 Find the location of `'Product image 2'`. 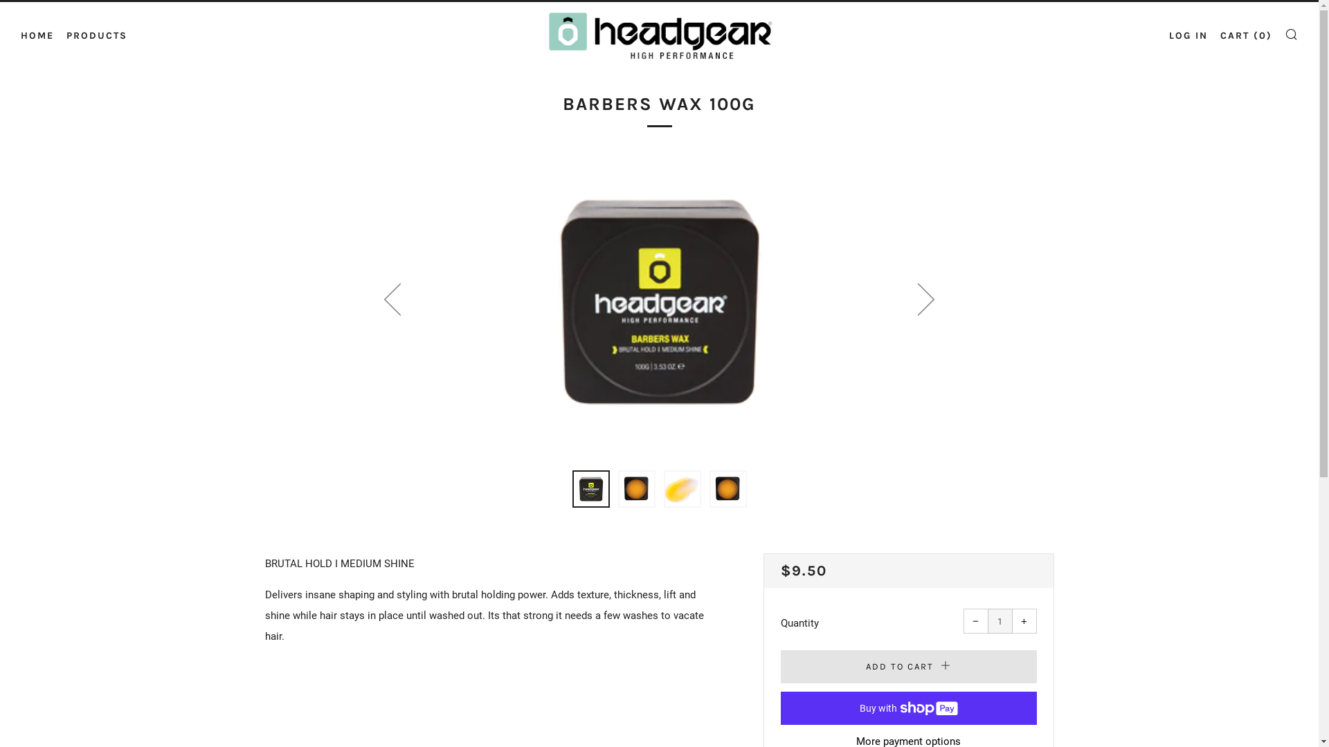

'Product image 2' is located at coordinates (635, 488).